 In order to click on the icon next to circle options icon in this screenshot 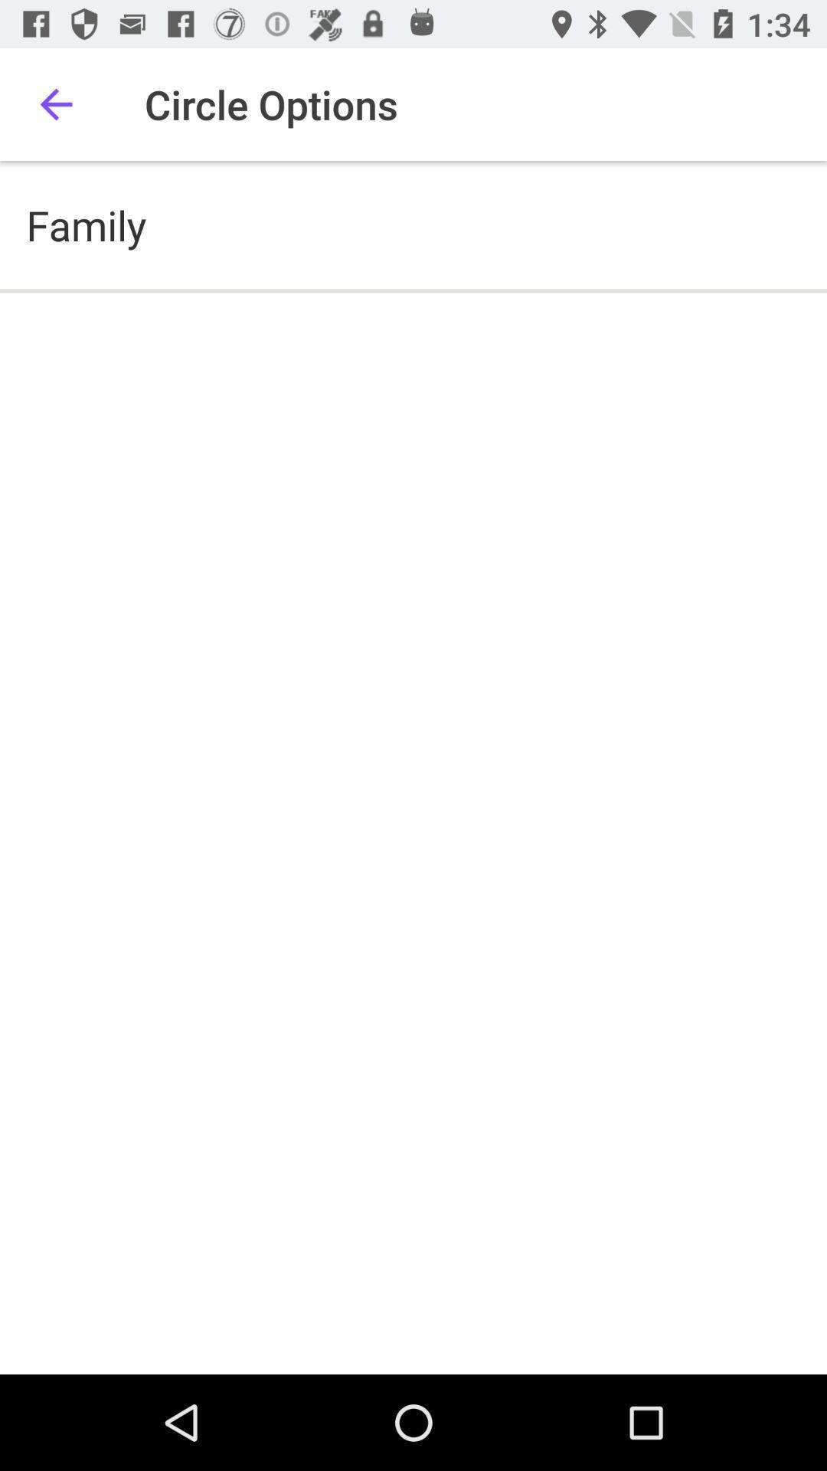, I will do `click(55, 103)`.